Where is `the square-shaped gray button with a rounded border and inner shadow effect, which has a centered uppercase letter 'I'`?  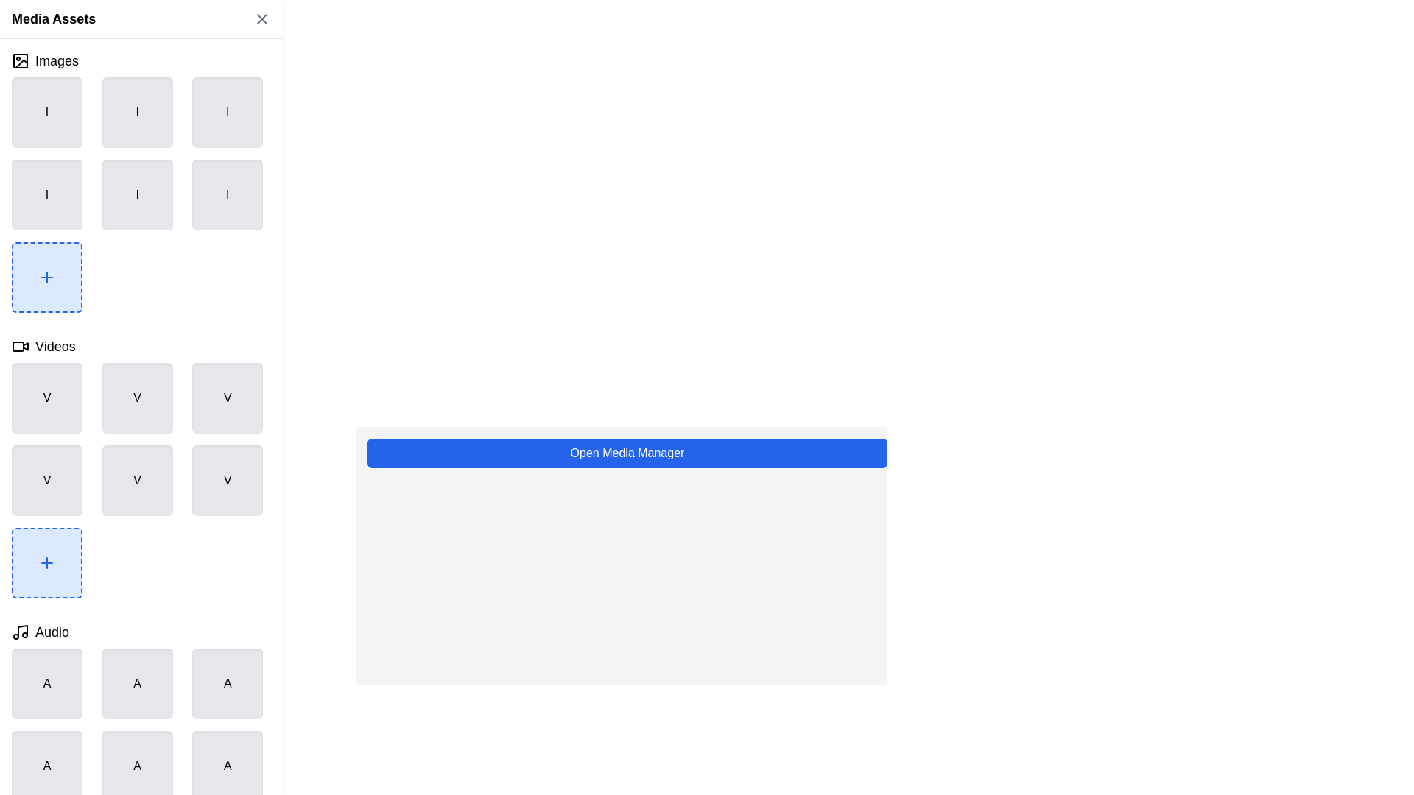 the square-shaped gray button with a rounded border and inner shadow effect, which has a centered uppercase letter 'I' is located at coordinates (46, 112).